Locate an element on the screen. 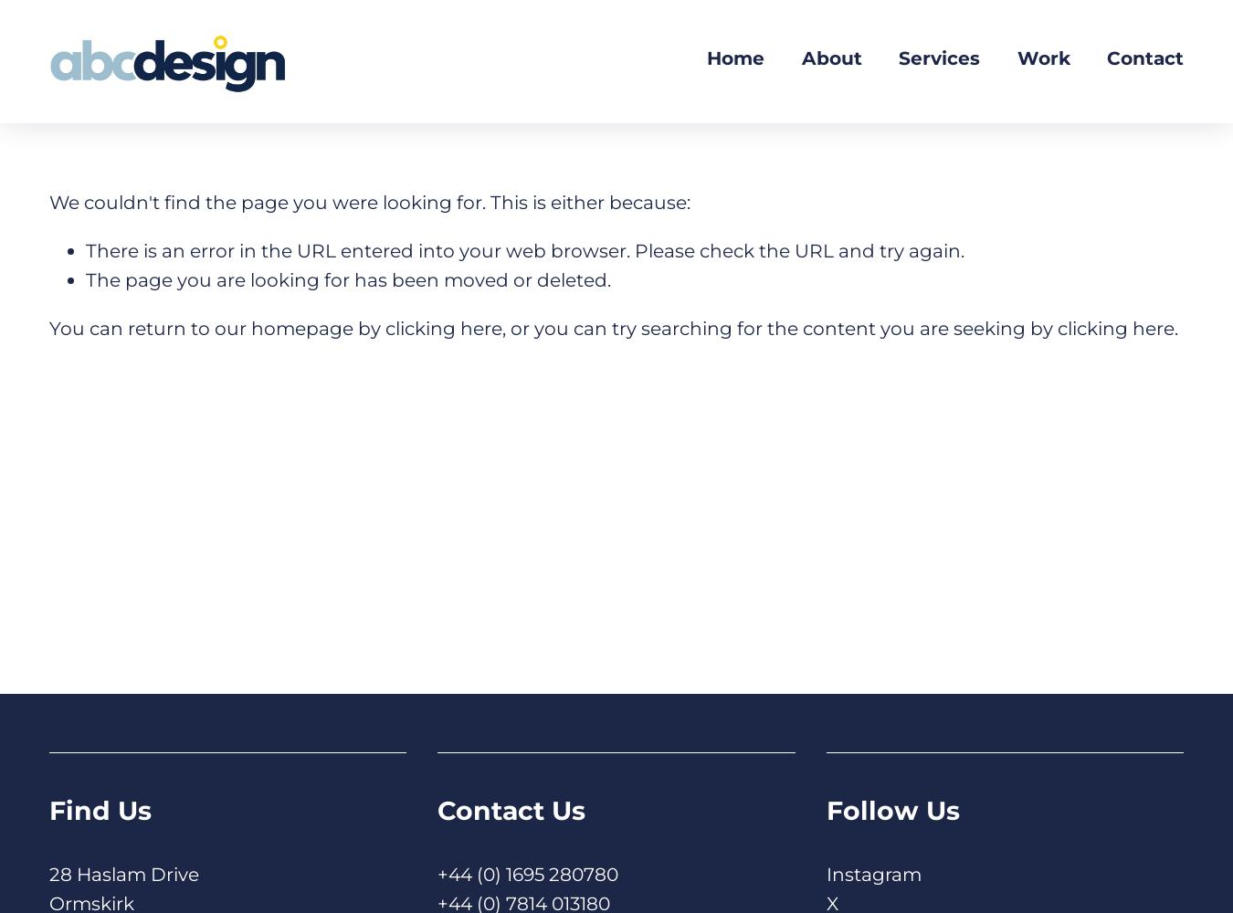 This screenshot has height=913, width=1233. 'We couldn't find the page you were looking for. This is either because:' is located at coordinates (370, 201).